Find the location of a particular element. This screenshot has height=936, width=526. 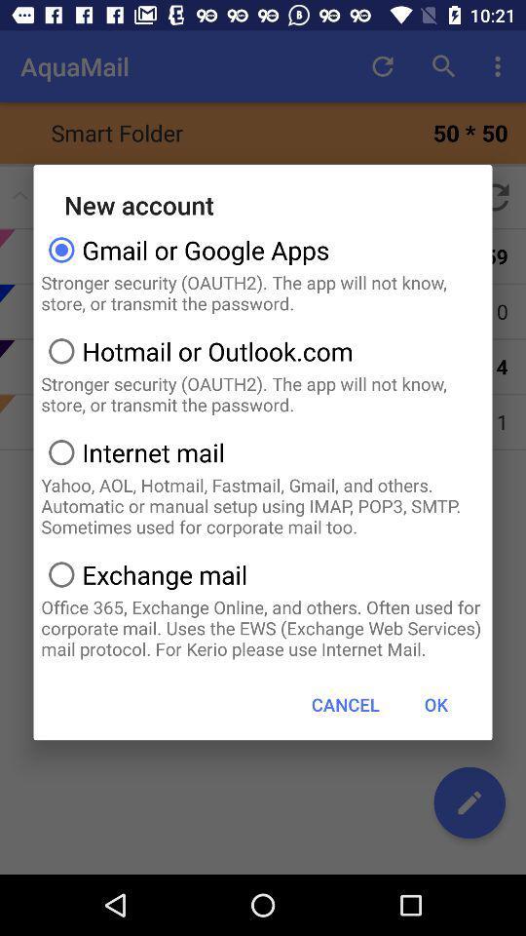

button next to the ok icon is located at coordinates (344, 703).